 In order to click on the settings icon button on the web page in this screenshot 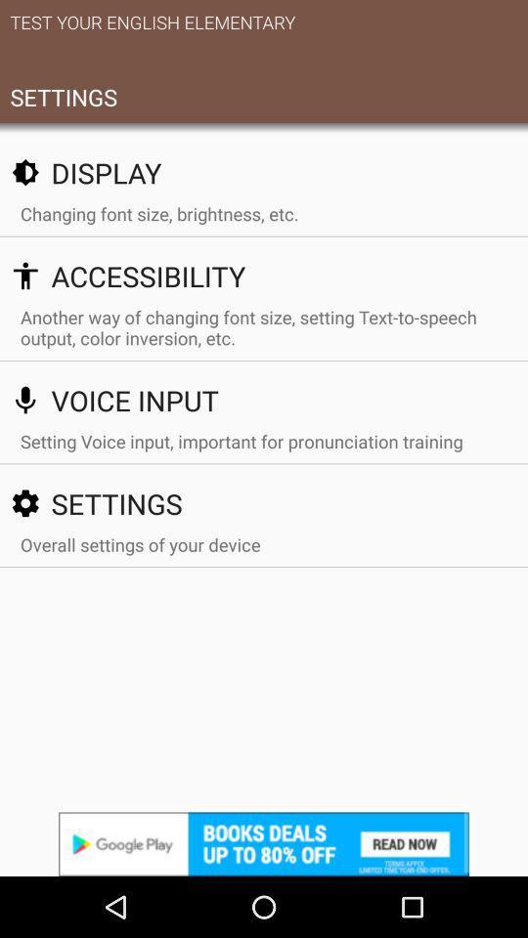, I will do `click(24, 502)`.